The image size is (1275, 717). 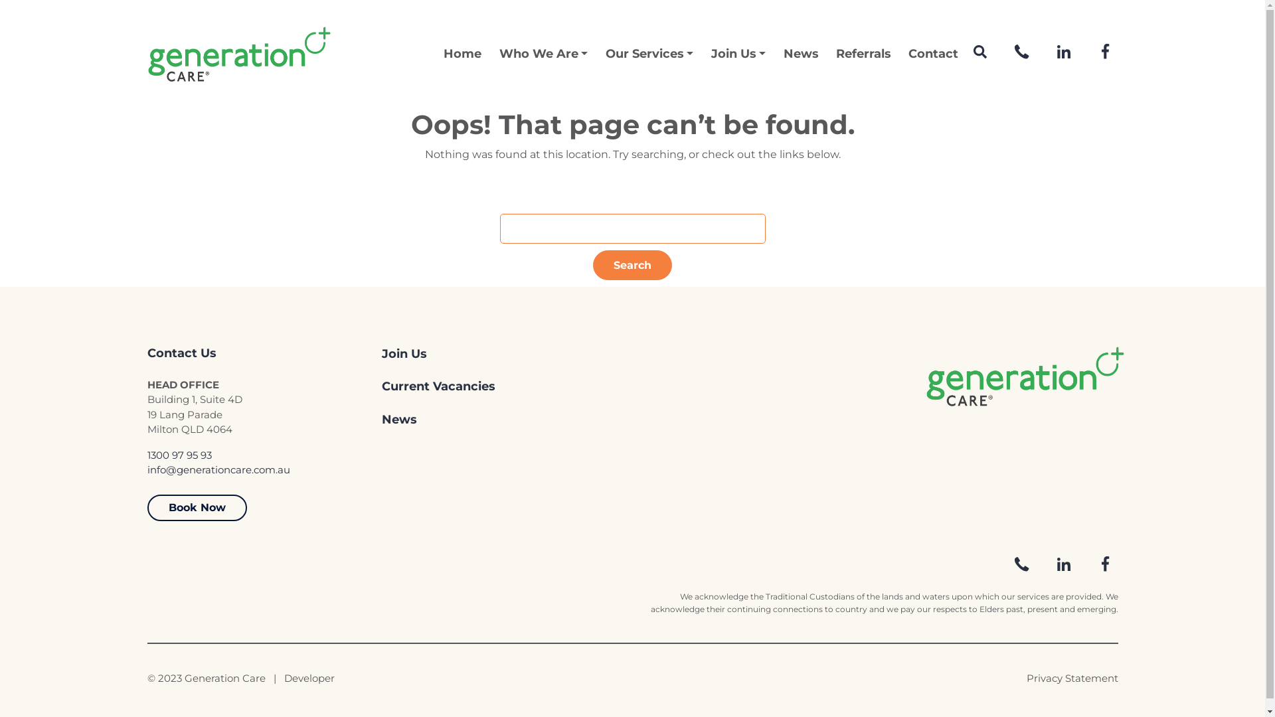 I want to click on 'Join Us', so click(x=737, y=53).